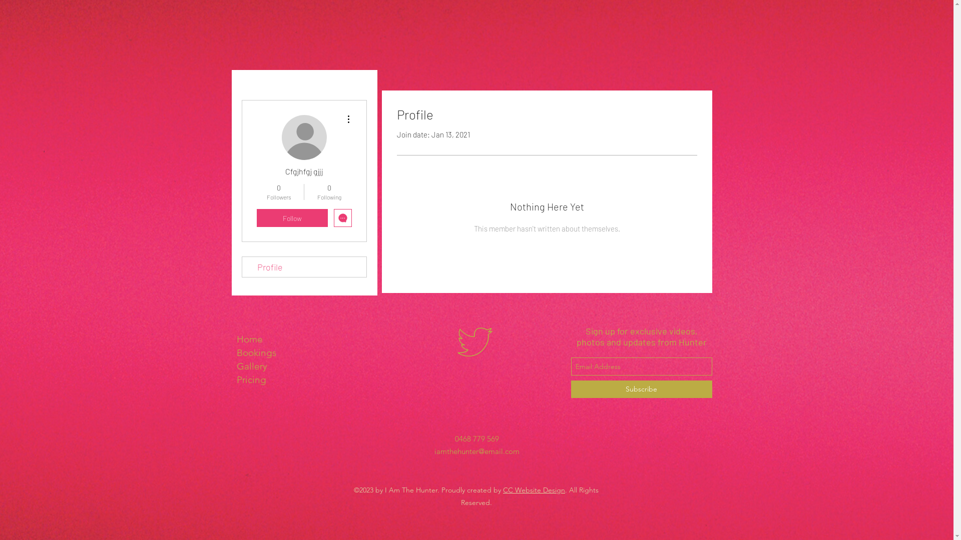  I want to click on 'Gallery', so click(235, 366).